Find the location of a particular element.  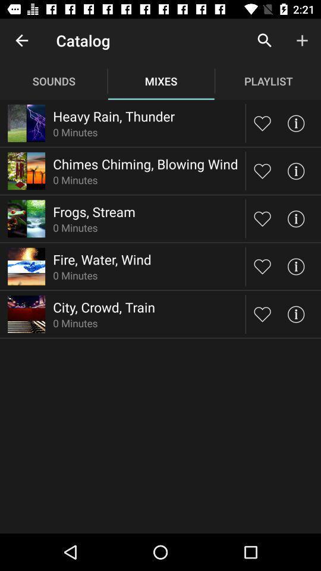

icon above playlist item is located at coordinates (265, 40).